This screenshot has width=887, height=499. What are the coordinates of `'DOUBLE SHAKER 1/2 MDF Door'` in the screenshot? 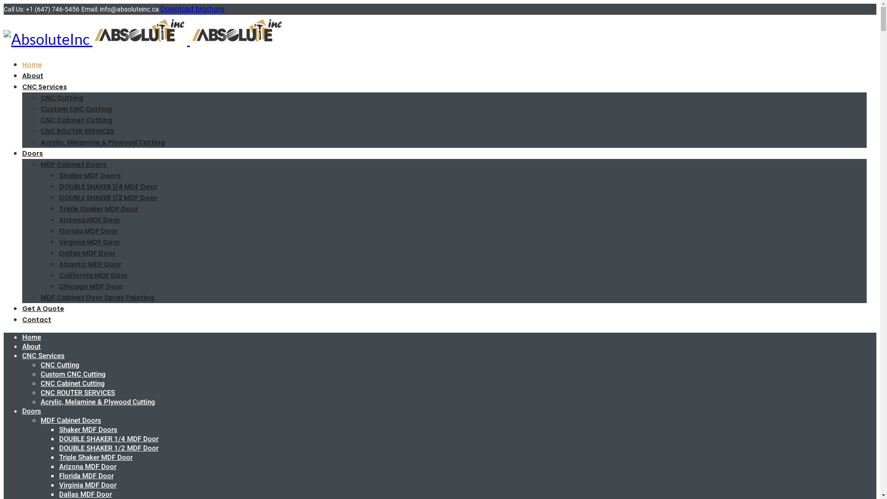 It's located at (108, 197).